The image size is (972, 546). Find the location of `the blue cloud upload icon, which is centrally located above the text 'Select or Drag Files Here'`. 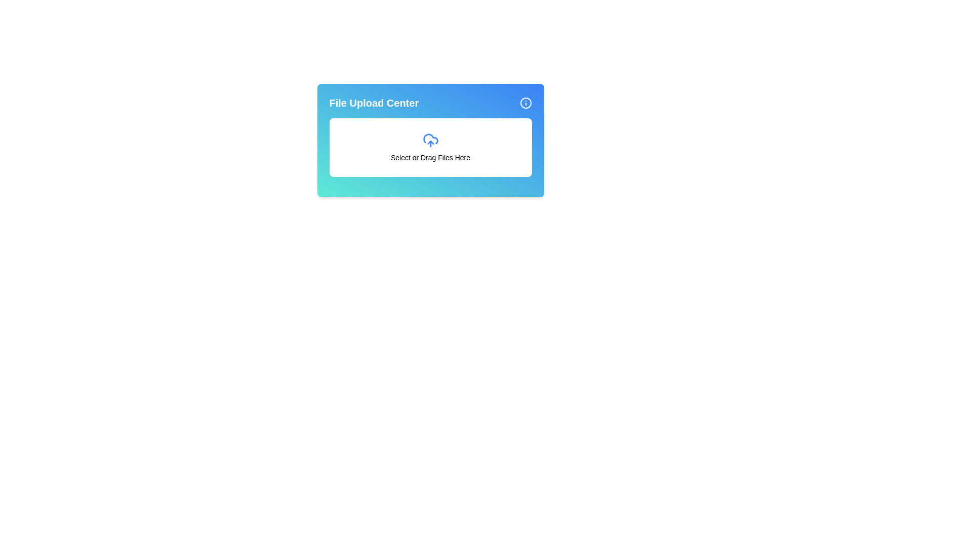

the blue cloud upload icon, which is centrally located above the text 'Select or Drag Files Here' is located at coordinates (430, 140).